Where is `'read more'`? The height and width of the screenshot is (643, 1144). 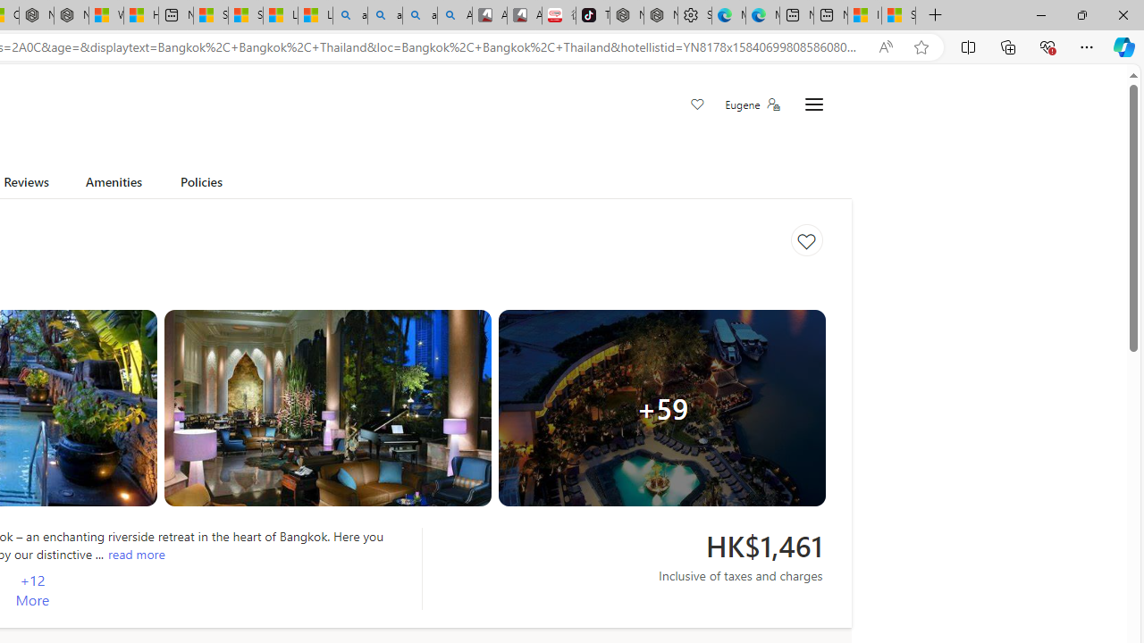
'read more' is located at coordinates (135, 554).